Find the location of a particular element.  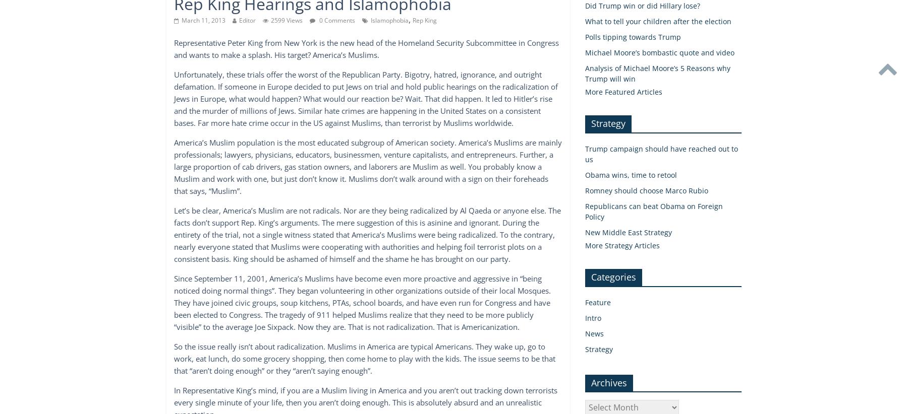

'More Strategy Articles' is located at coordinates (622, 245).